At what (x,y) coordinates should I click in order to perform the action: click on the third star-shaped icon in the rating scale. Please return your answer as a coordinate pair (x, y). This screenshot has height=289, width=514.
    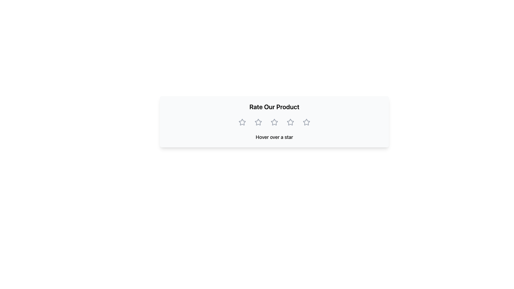
    Looking at the image, I should click on (290, 122).